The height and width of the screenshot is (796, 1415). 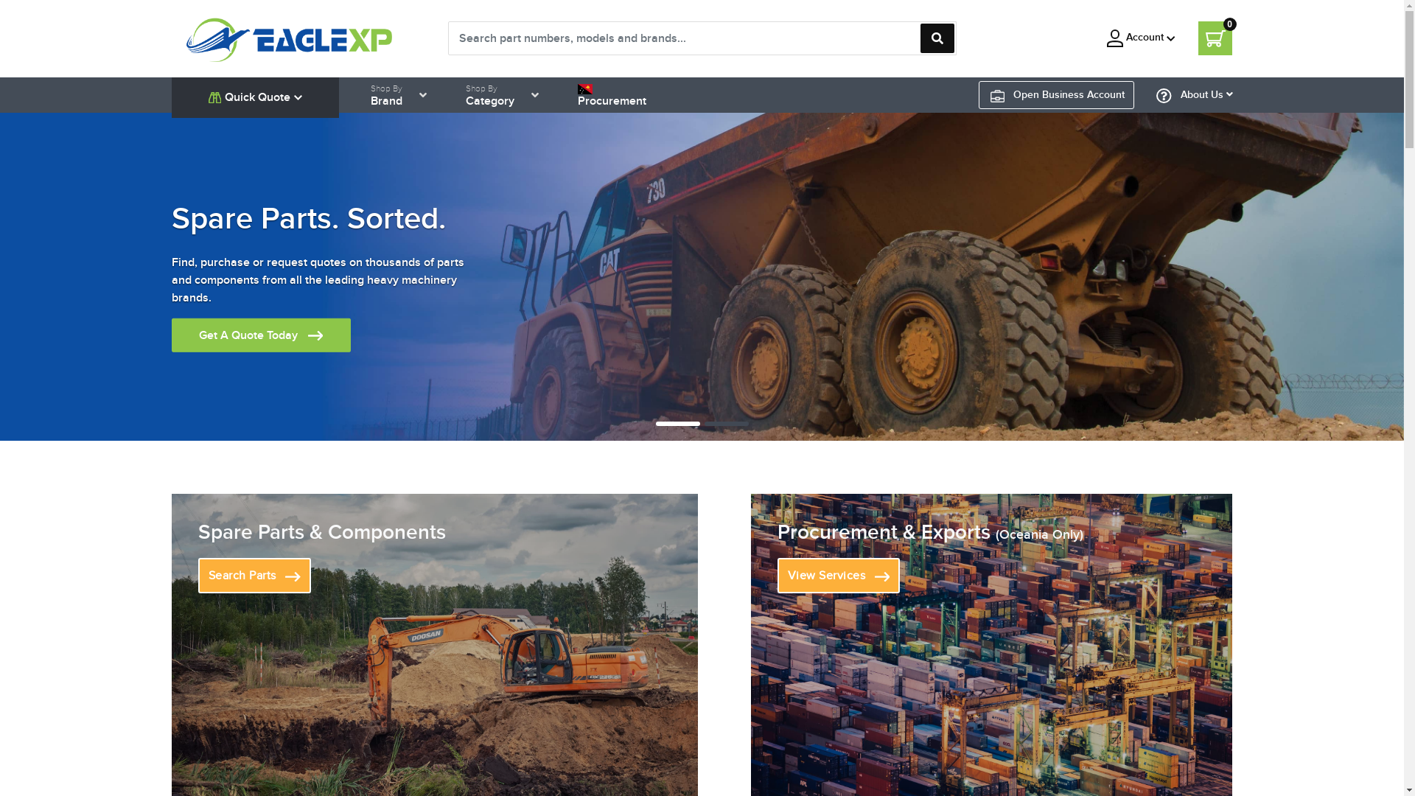 What do you see at coordinates (839, 574) in the screenshot?
I see `'View Services'` at bounding box center [839, 574].